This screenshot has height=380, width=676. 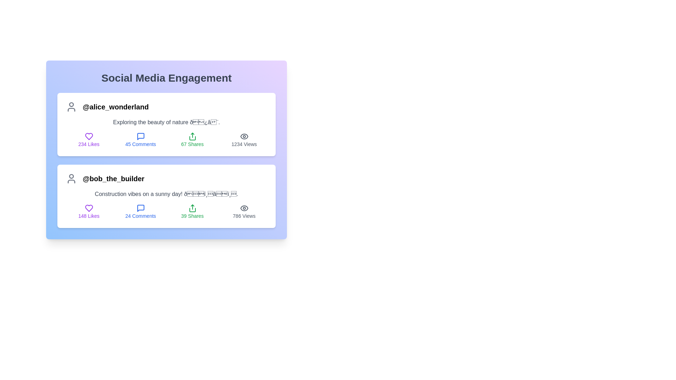 What do you see at coordinates (140, 208) in the screenshot?
I see `the comments icon located in the '24 Comments' section of the second card titled '@bob_the_builder', which is positioned directly to the left of the text '24 Comments'` at bounding box center [140, 208].